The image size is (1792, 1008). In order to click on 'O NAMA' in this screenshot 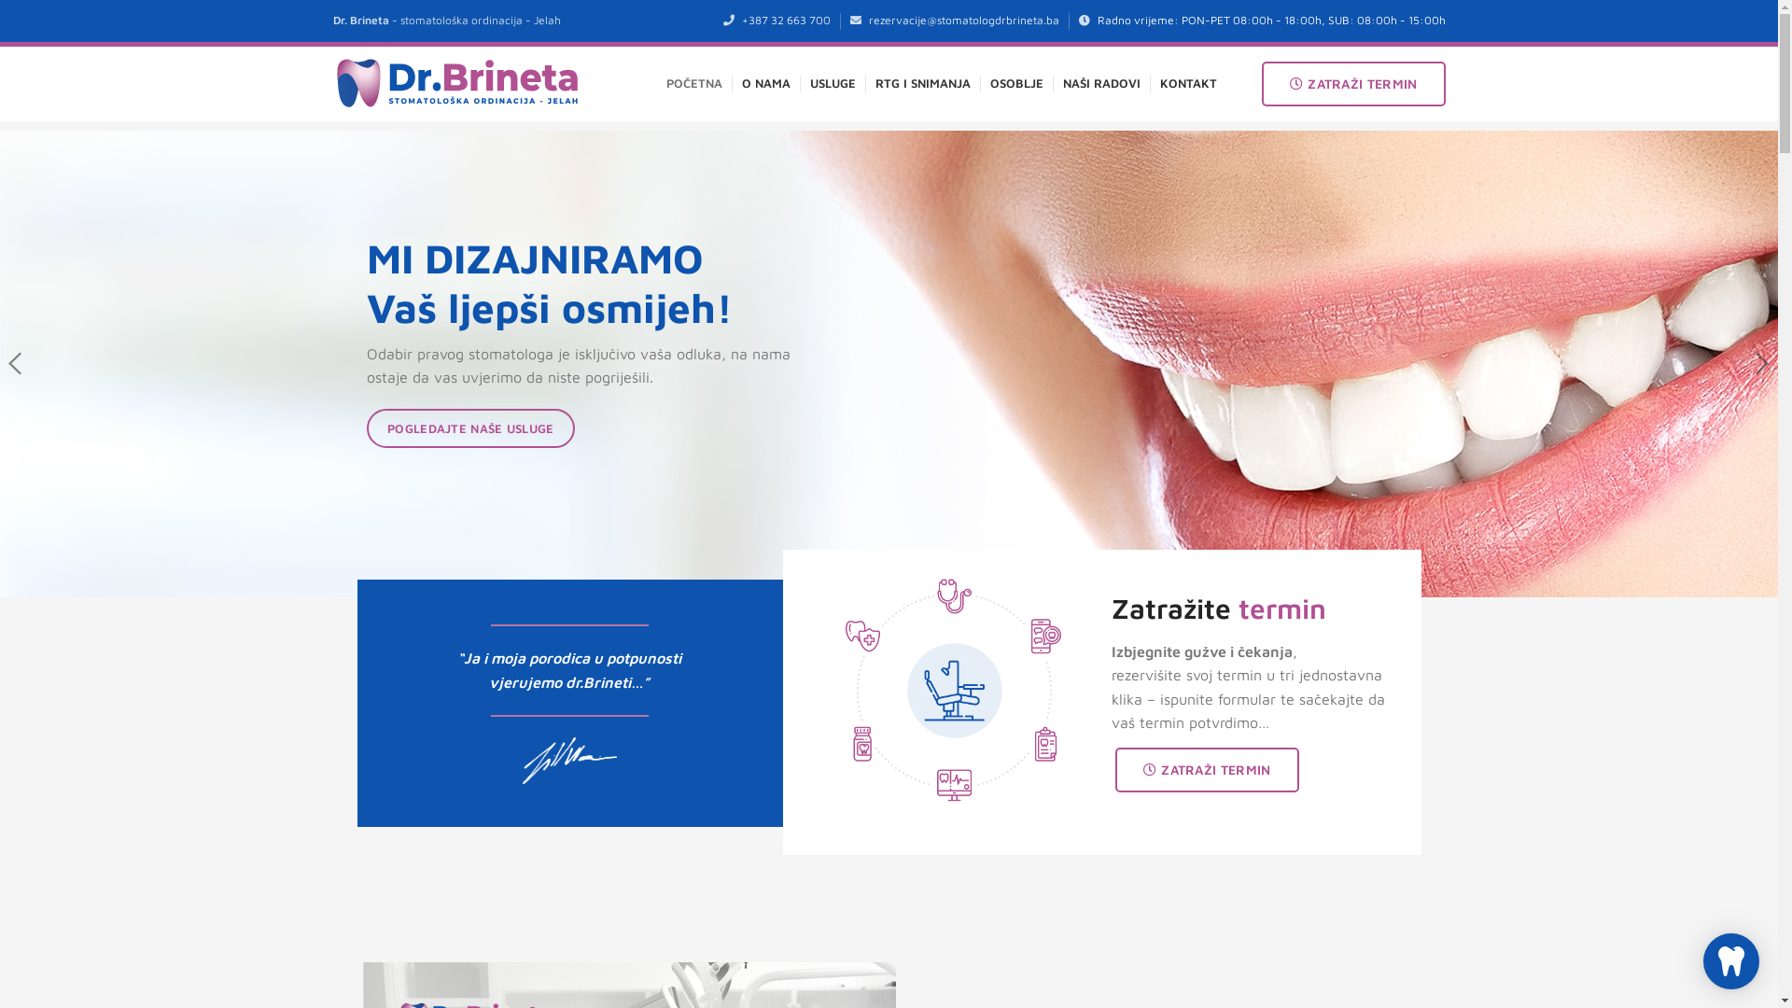, I will do `click(732, 82)`.